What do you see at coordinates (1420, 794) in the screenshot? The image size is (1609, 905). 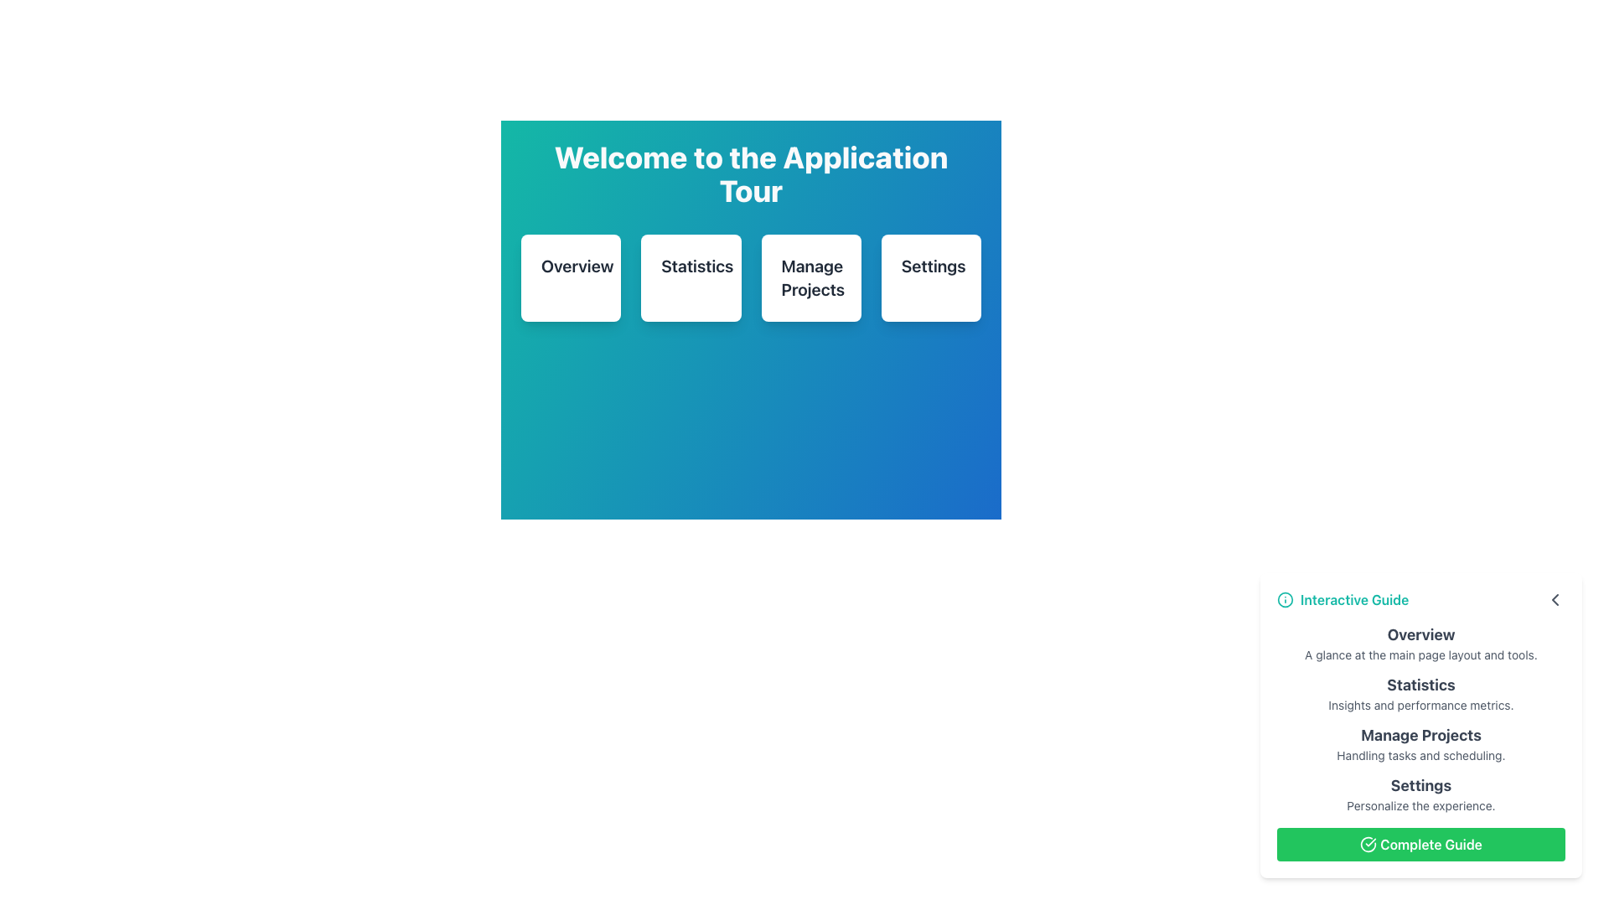 I see `the 'Settings' text grouping element` at bounding box center [1420, 794].